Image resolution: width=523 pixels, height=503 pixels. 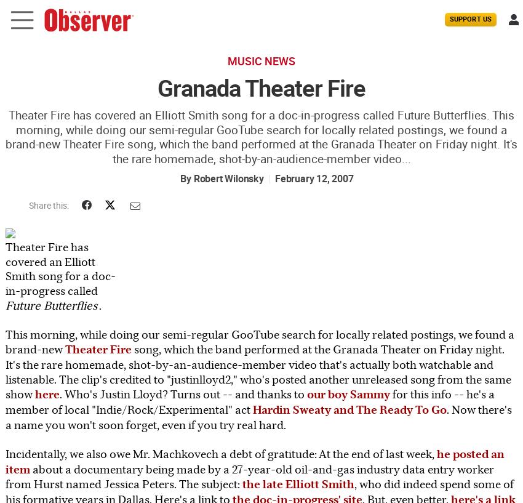 I want to click on 'Support Us', so click(x=449, y=18).